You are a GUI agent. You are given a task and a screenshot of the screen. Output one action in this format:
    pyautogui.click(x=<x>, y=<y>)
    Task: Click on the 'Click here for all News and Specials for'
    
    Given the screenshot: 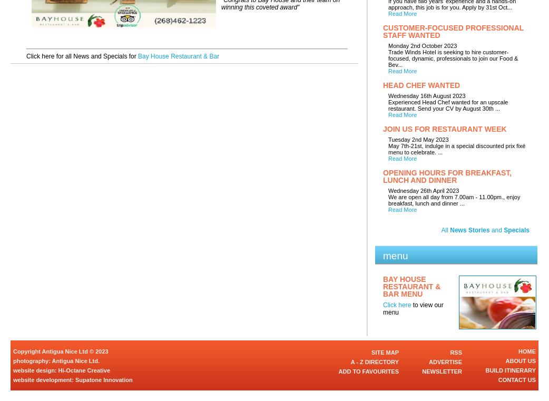 What is the action you would take?
    pyautogui.click(x=26, y=56)
    